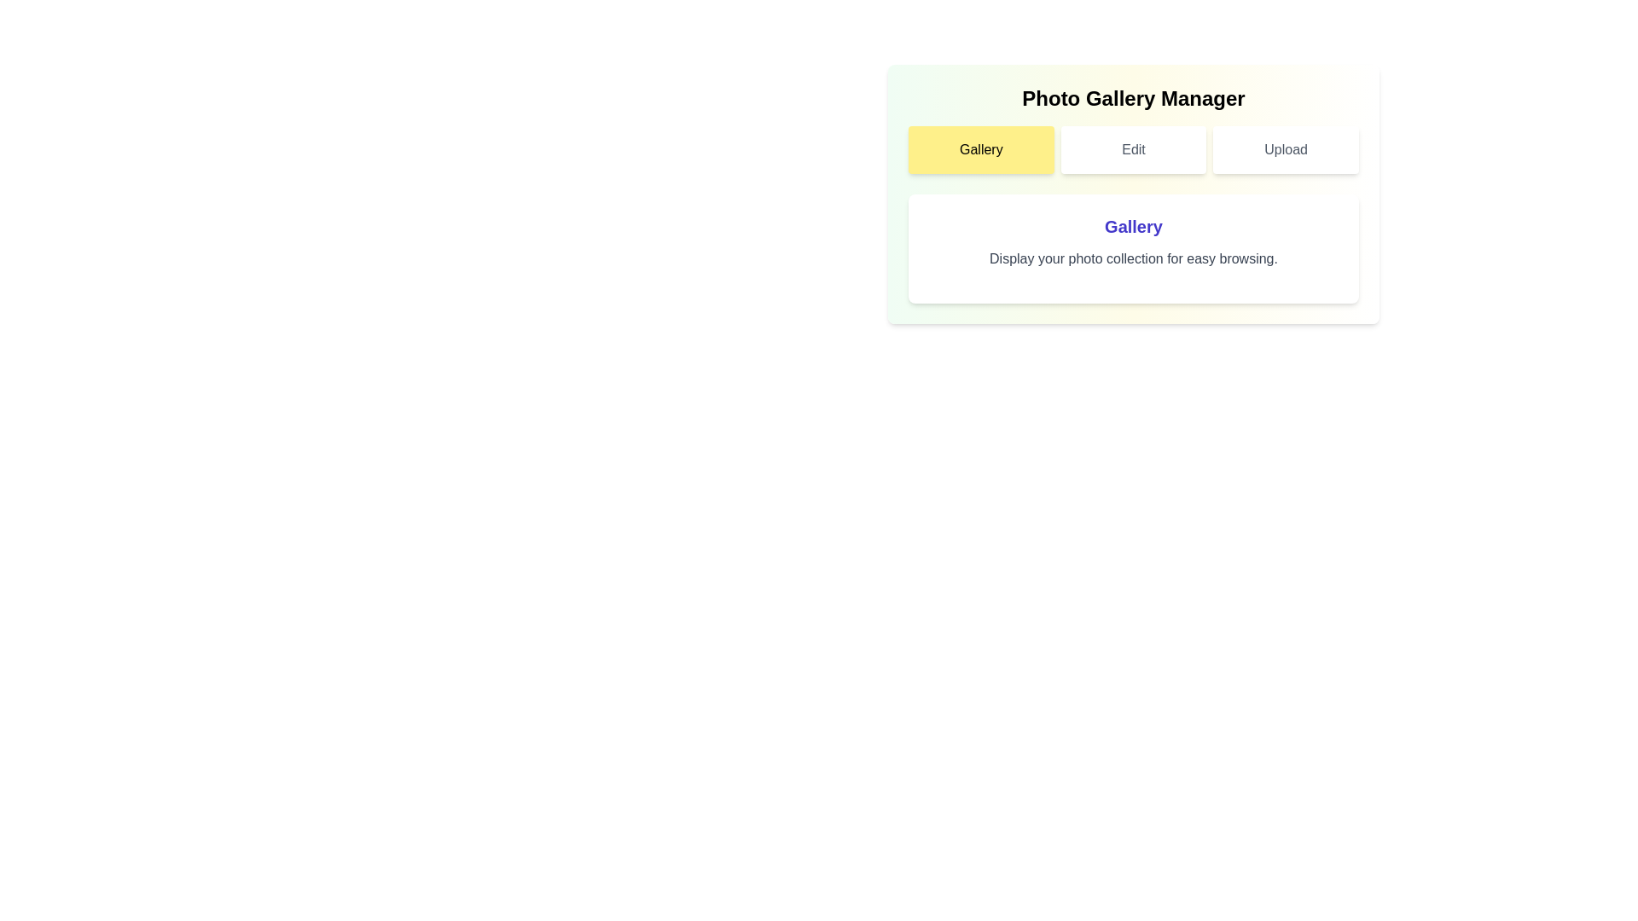 The image size is (1638, 921). I want to click on the non-interactive text label that enhances the clarity and structure of the galleries section within the user interface, so click(1134, 226).